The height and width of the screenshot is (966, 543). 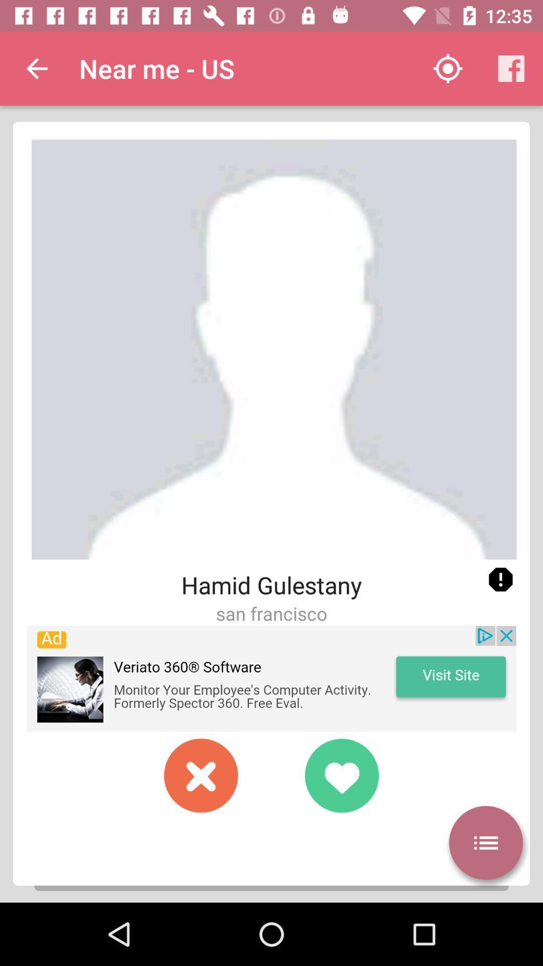 I want to click on closed the app, so click(x=201, y=775).